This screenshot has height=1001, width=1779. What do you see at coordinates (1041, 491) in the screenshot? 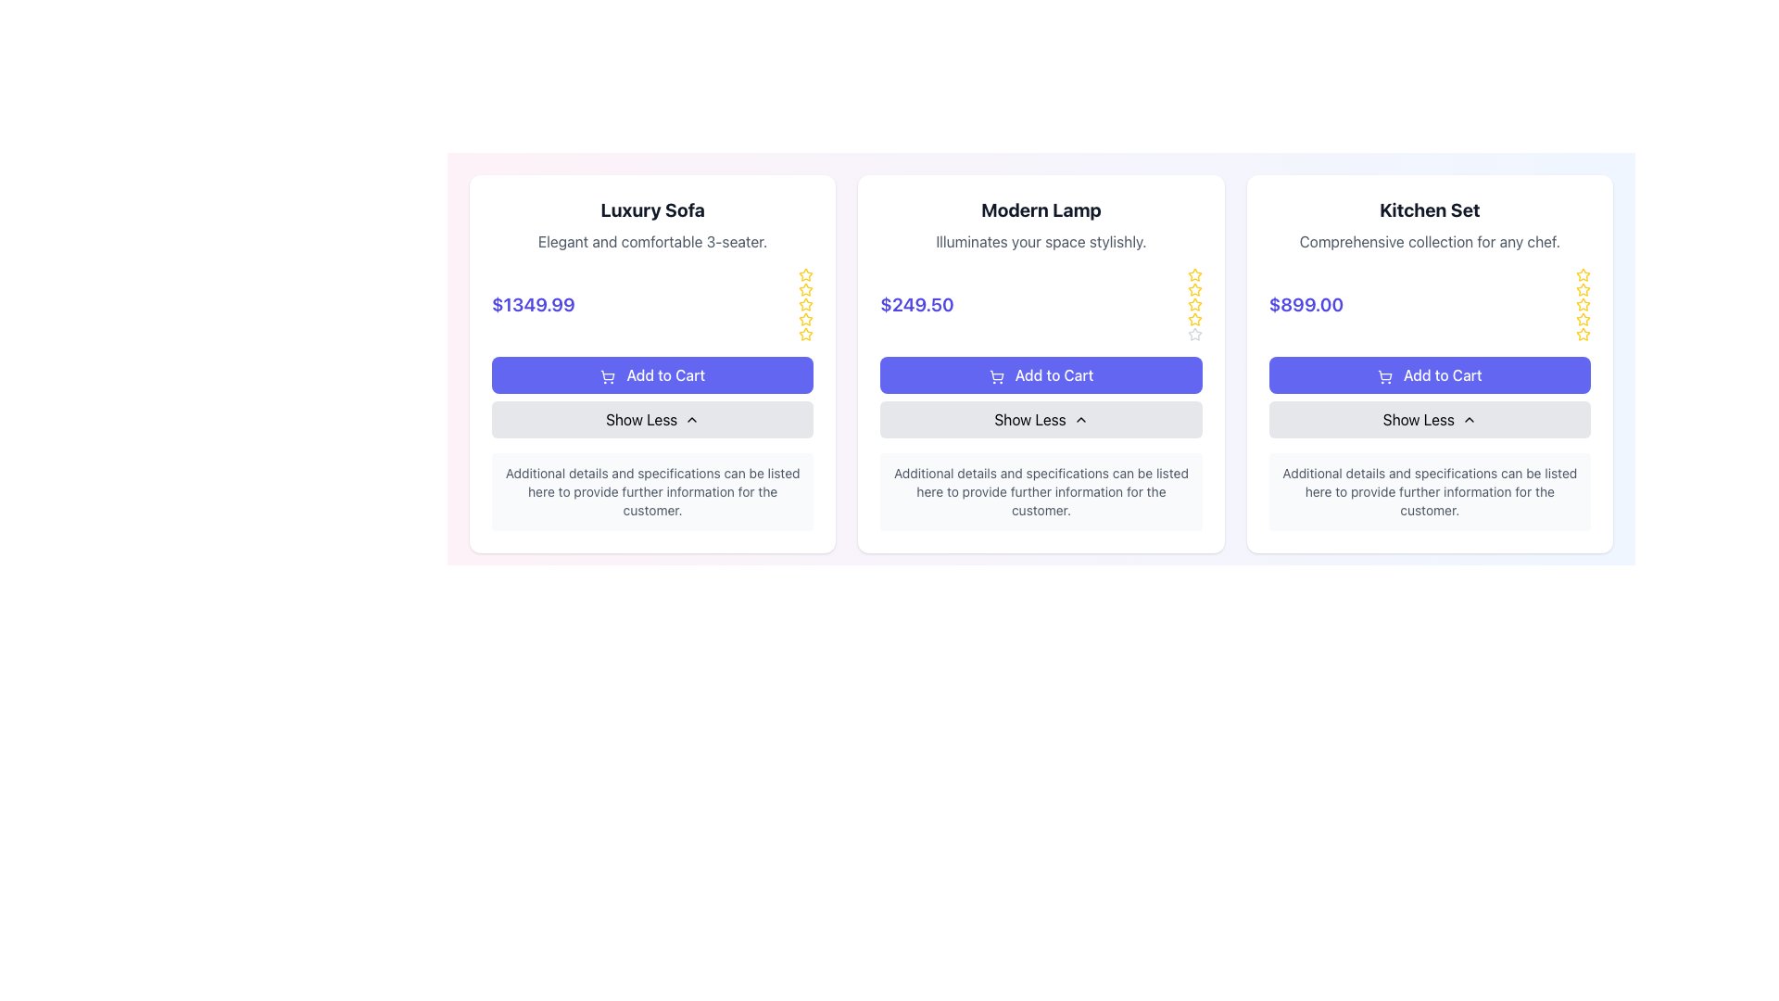
I see `the text block that contains the descriptive text "Additional details and specifications can be listed here to provide further information for the customer," which is positioned below the "Show Less ↑" button in the card titled "Modern Lamp."` at bounding box center [1041, 491].